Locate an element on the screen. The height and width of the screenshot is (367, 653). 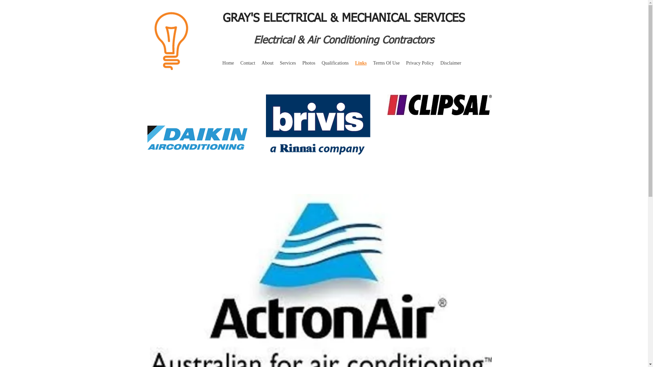
'Terms Of Use' is located at coordinates (370, 63).